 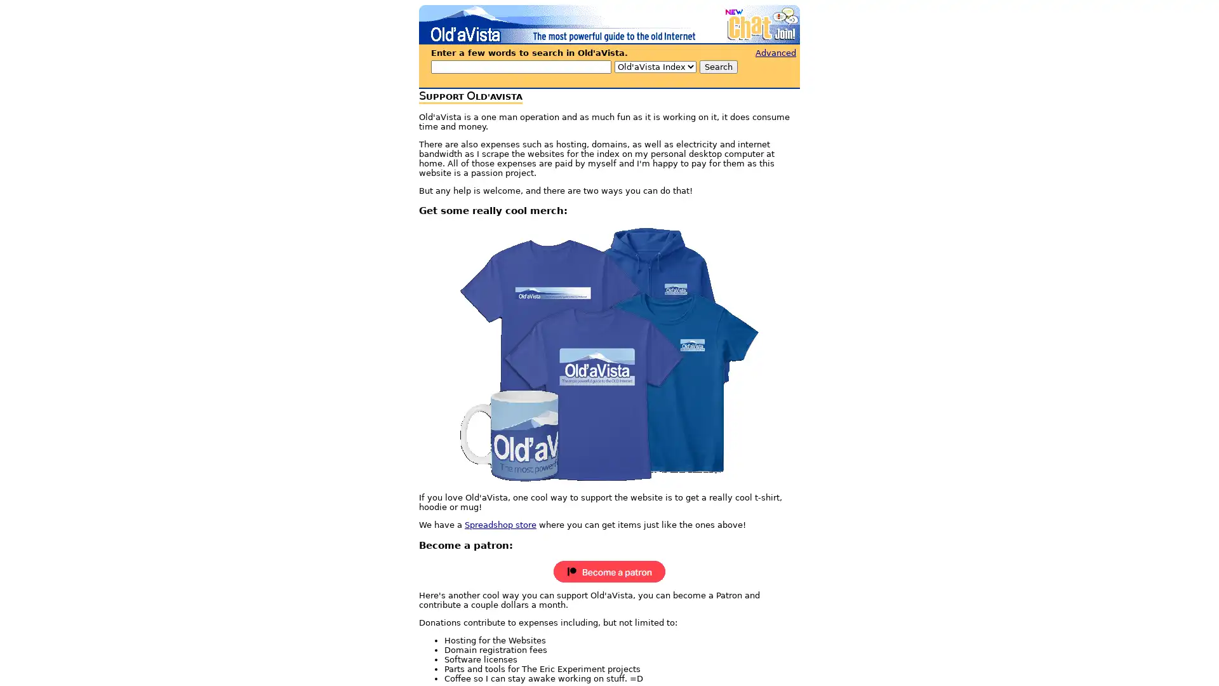 I want to click on Search, so click(x=719, y=67).